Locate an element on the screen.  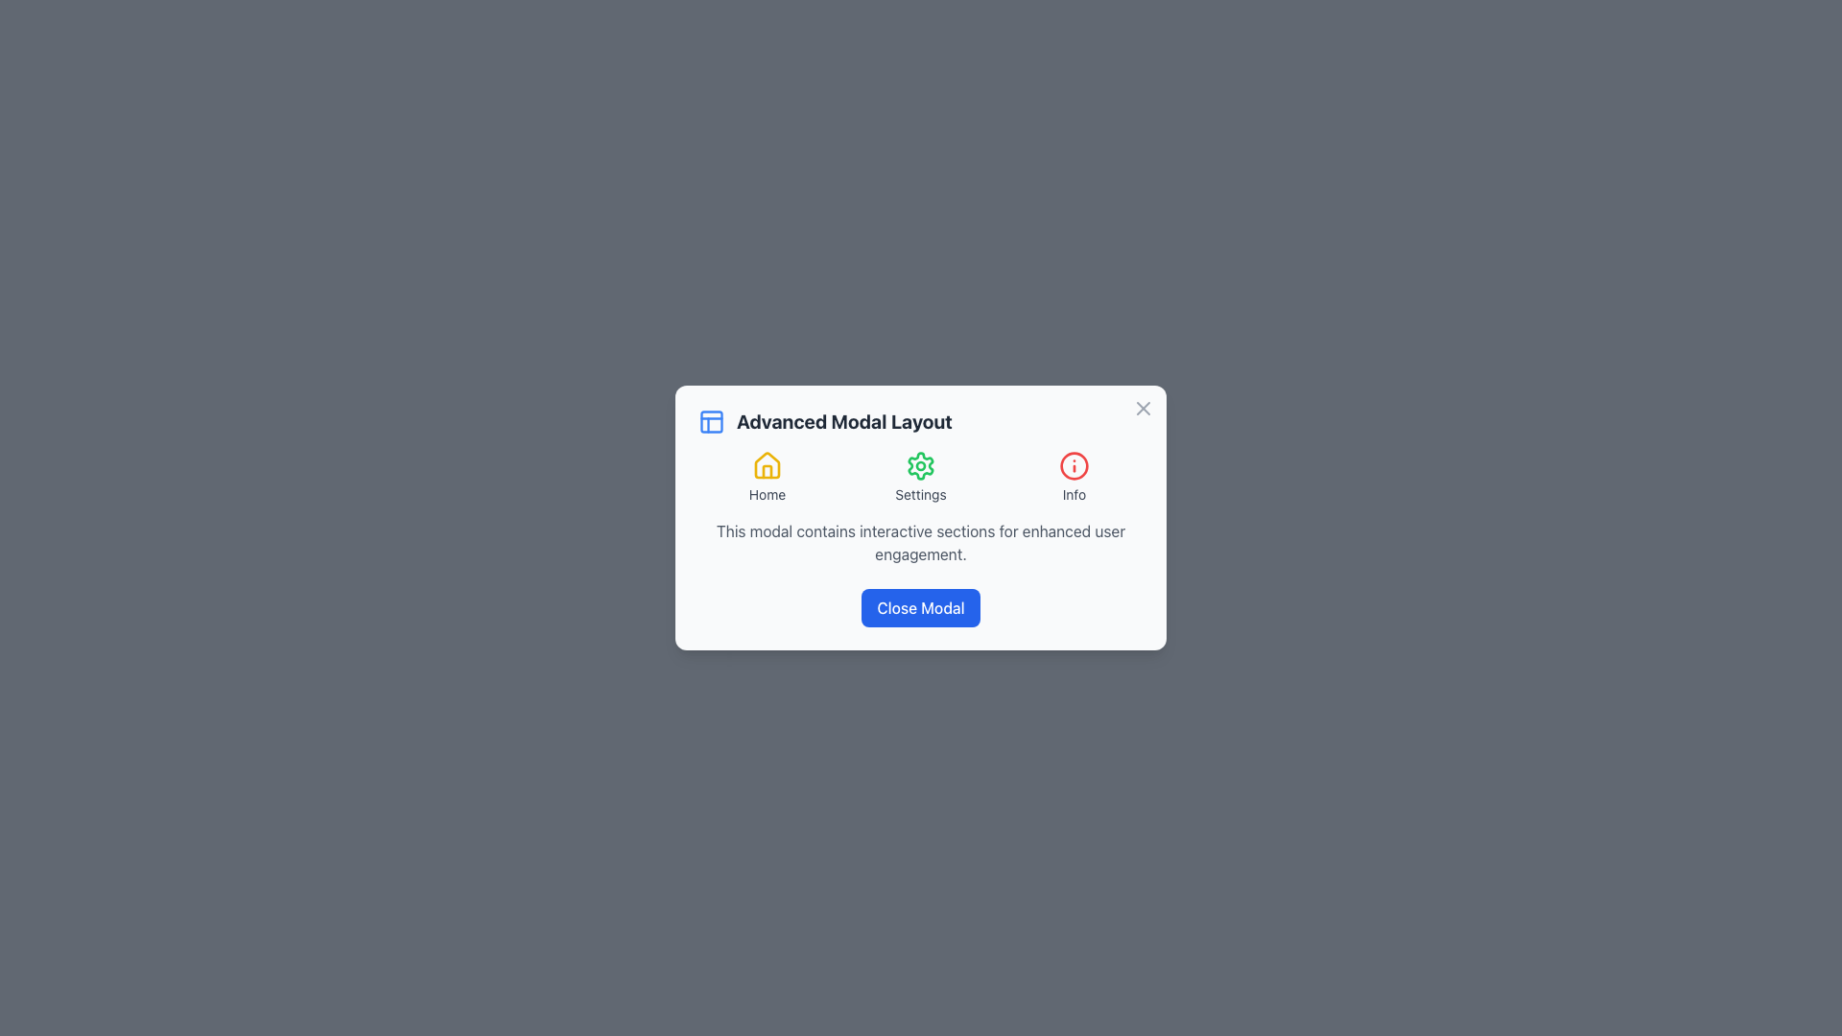
the close button located in the top-right corner of the modal is located at coordinates (1143, 407).